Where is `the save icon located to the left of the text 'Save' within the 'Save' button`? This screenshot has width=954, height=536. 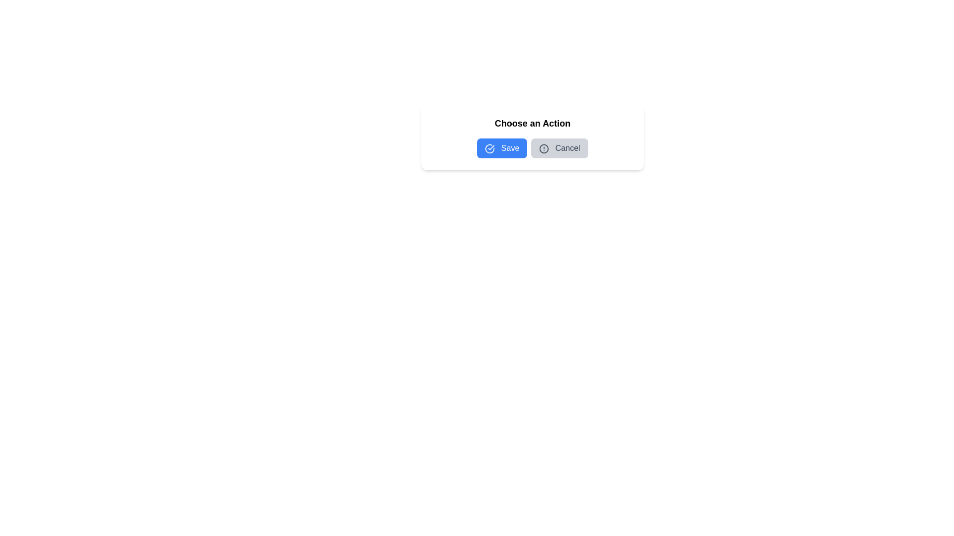 the save icon located to the left of the text 'Save' within the 'Save' button is located at coordinates (490, 148).